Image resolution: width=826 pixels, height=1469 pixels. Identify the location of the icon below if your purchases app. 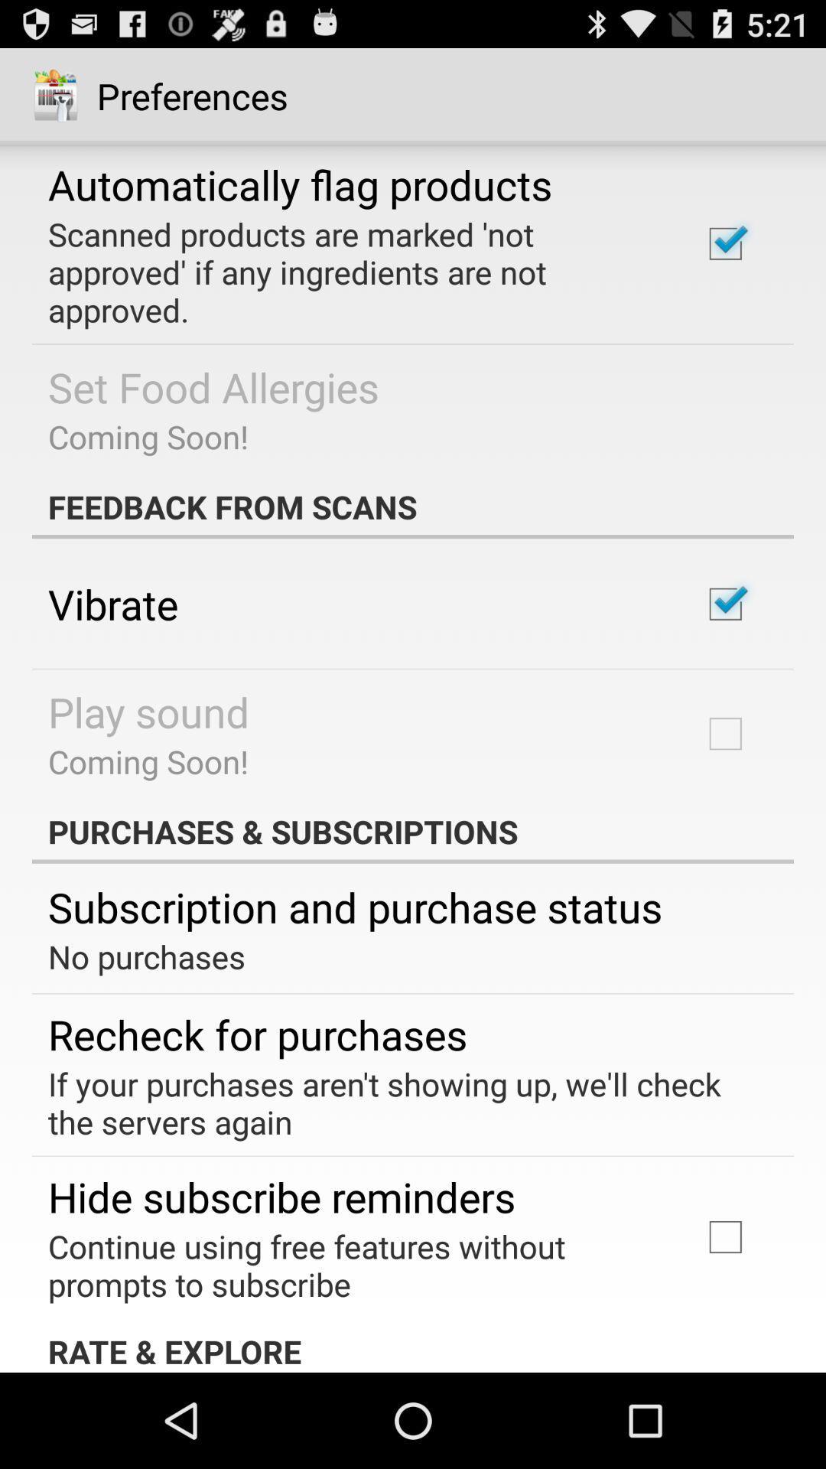
(281, 1196).